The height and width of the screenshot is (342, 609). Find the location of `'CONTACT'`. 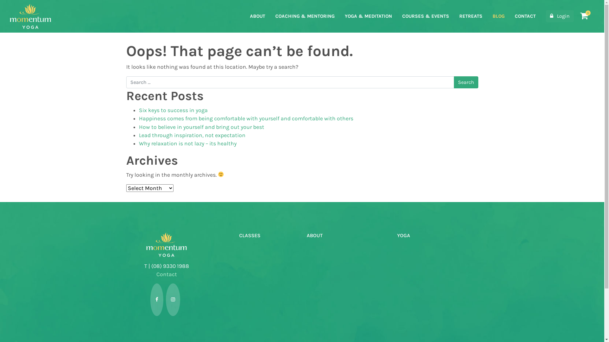

'CONTACT' is located at coordinates (525, 16).